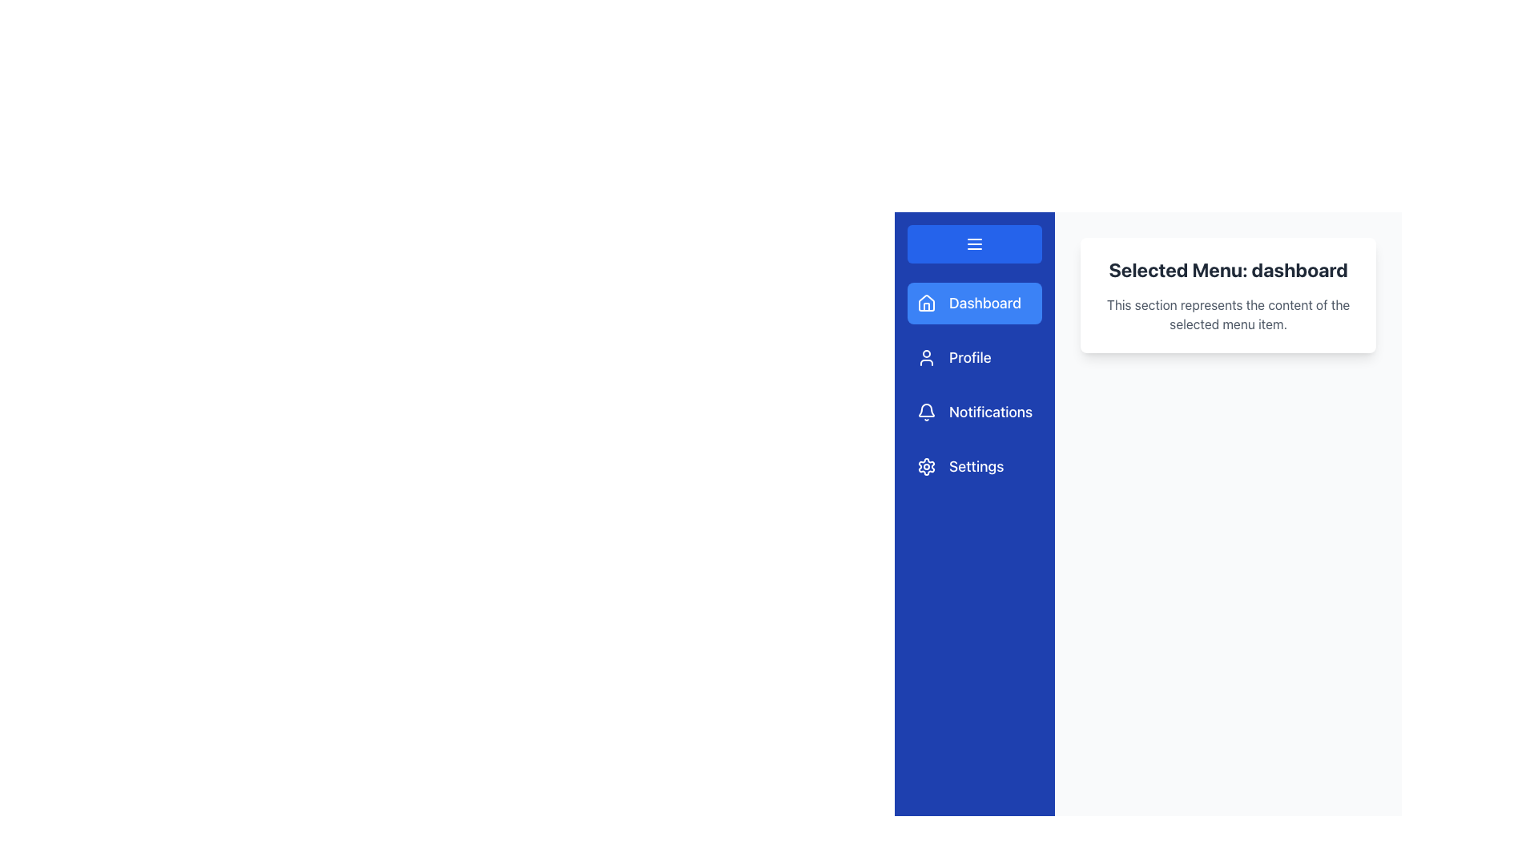 Image resolution: width=1538 pixels, height=865 pixels. What do you see at coordinates (974, 412) in the screenshot?
I see `the button in the vertical menu panel that navigates to the Notifications page, located third from the top beneath 'Dashboard' and 'Profile'` at bounding box center [974, 412].